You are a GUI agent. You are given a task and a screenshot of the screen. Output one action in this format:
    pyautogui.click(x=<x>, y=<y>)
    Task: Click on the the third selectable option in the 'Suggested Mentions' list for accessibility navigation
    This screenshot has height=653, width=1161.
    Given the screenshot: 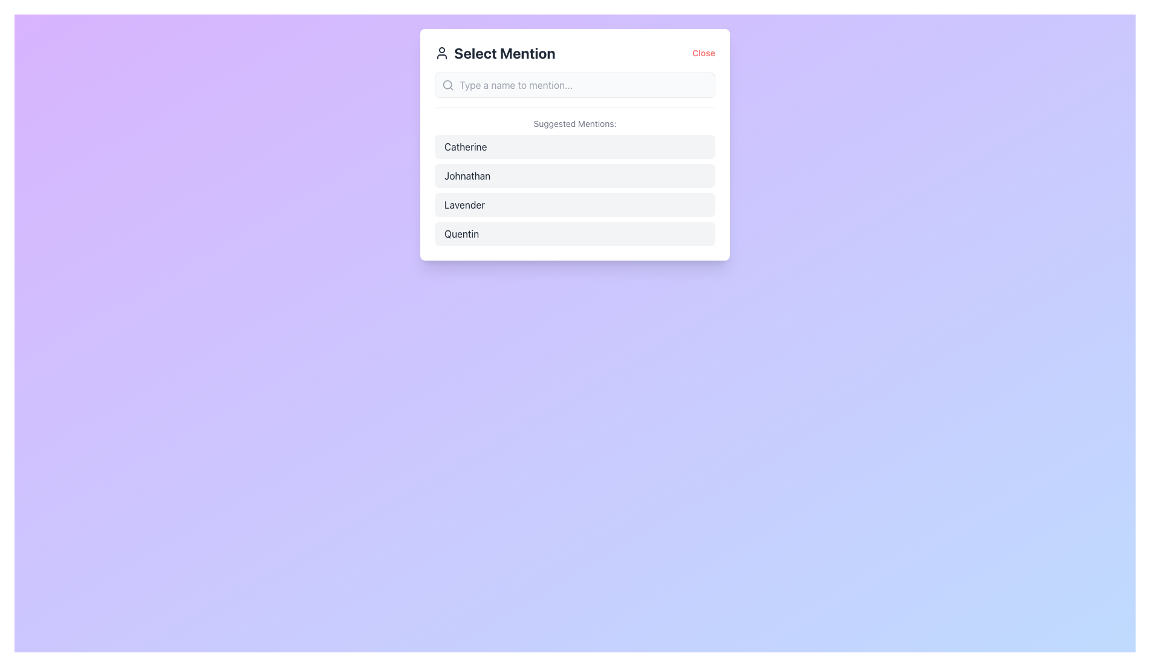 What is the action you would take?
    pyautogui.click(x=574, y=204)
    